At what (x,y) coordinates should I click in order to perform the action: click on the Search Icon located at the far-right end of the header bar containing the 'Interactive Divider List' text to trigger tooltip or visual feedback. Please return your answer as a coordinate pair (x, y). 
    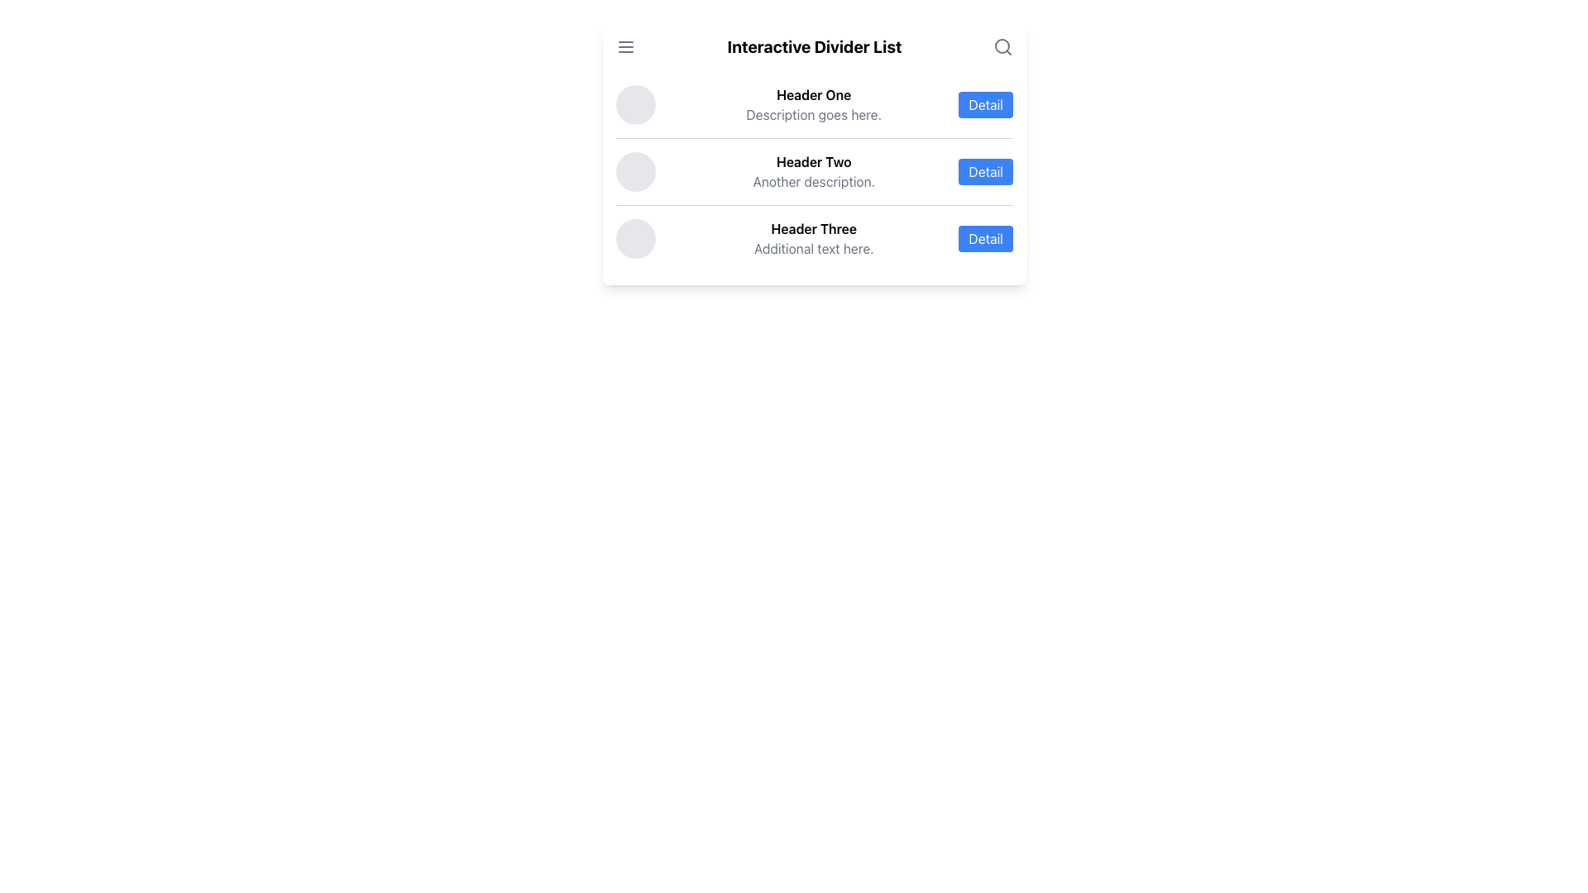
    Looking at the image, I should click on (1002, 46).